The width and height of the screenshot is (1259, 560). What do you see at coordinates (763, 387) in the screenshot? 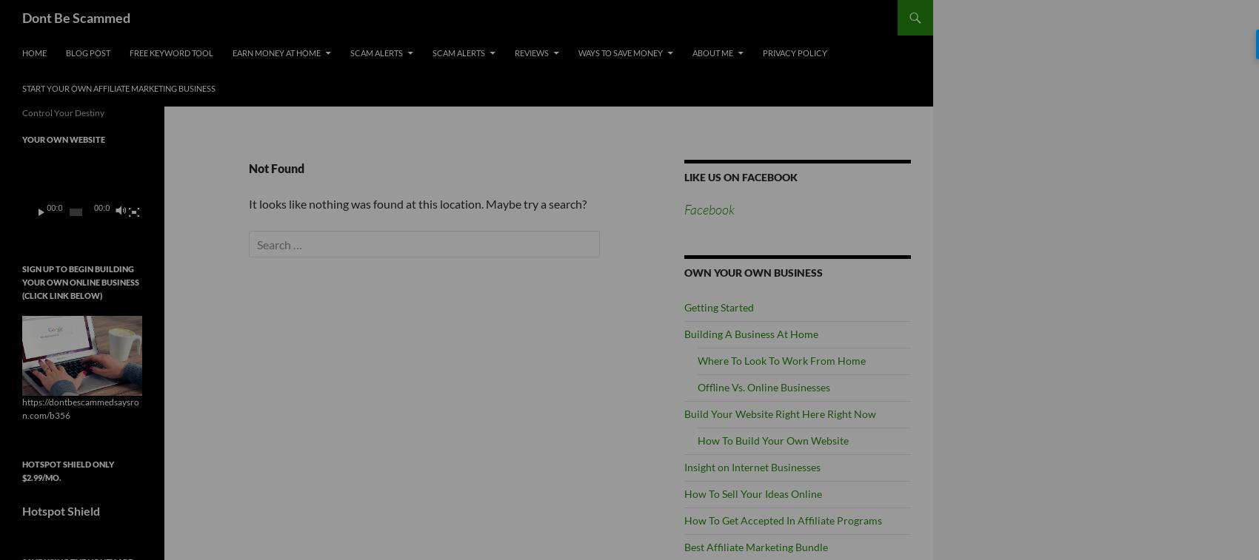
I see `'Offline Vs. Online Businesses'` at bounding box center [763, 387].